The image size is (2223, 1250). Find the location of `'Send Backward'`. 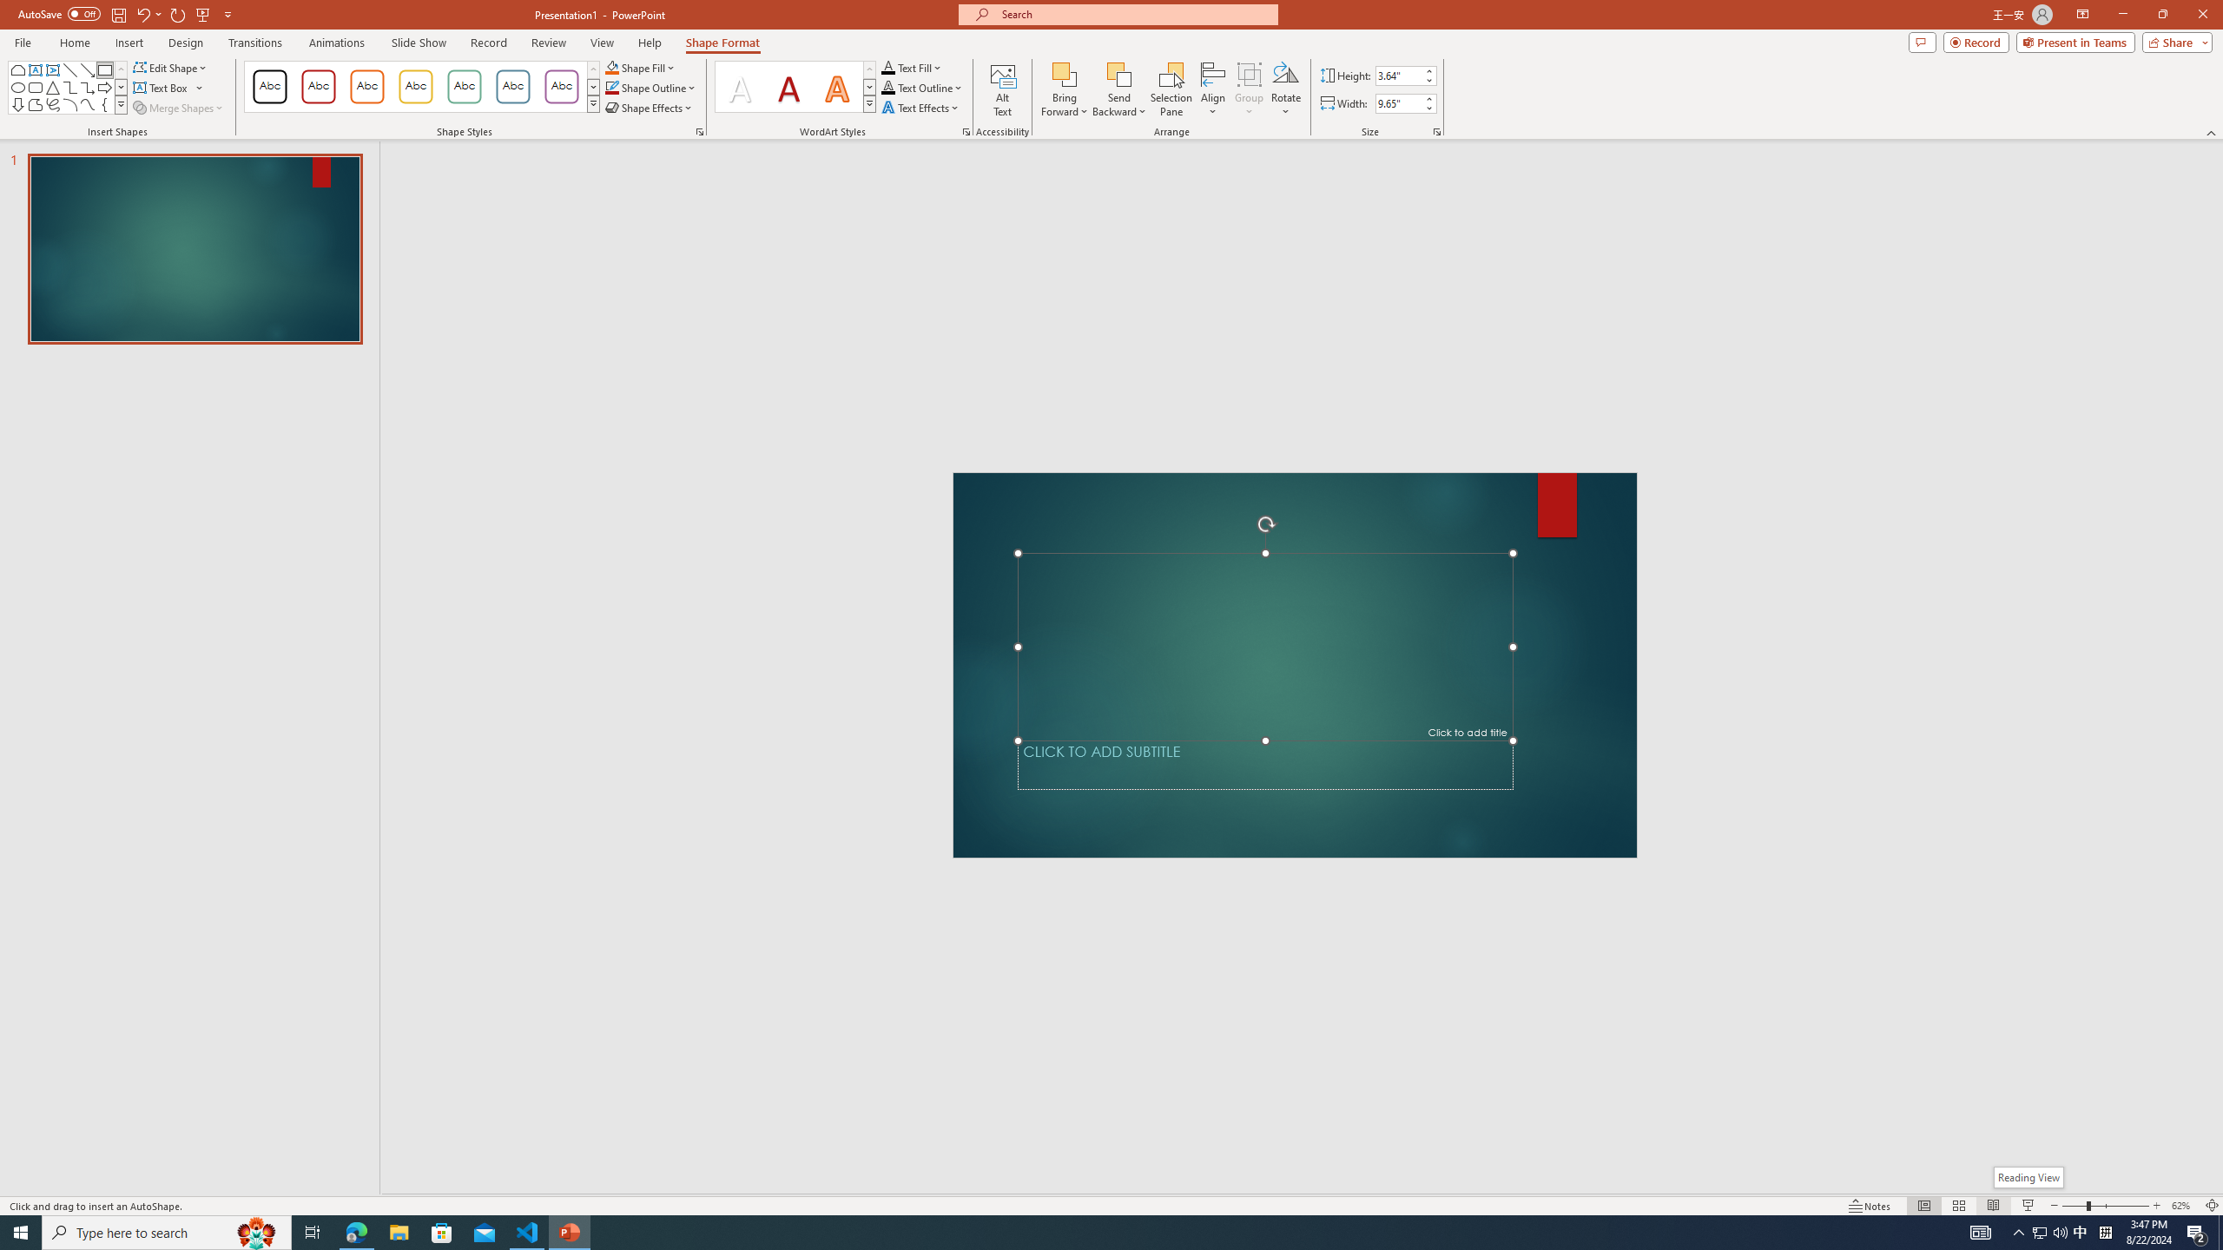

'Send Backward' is located at coordinates (1119, 73).